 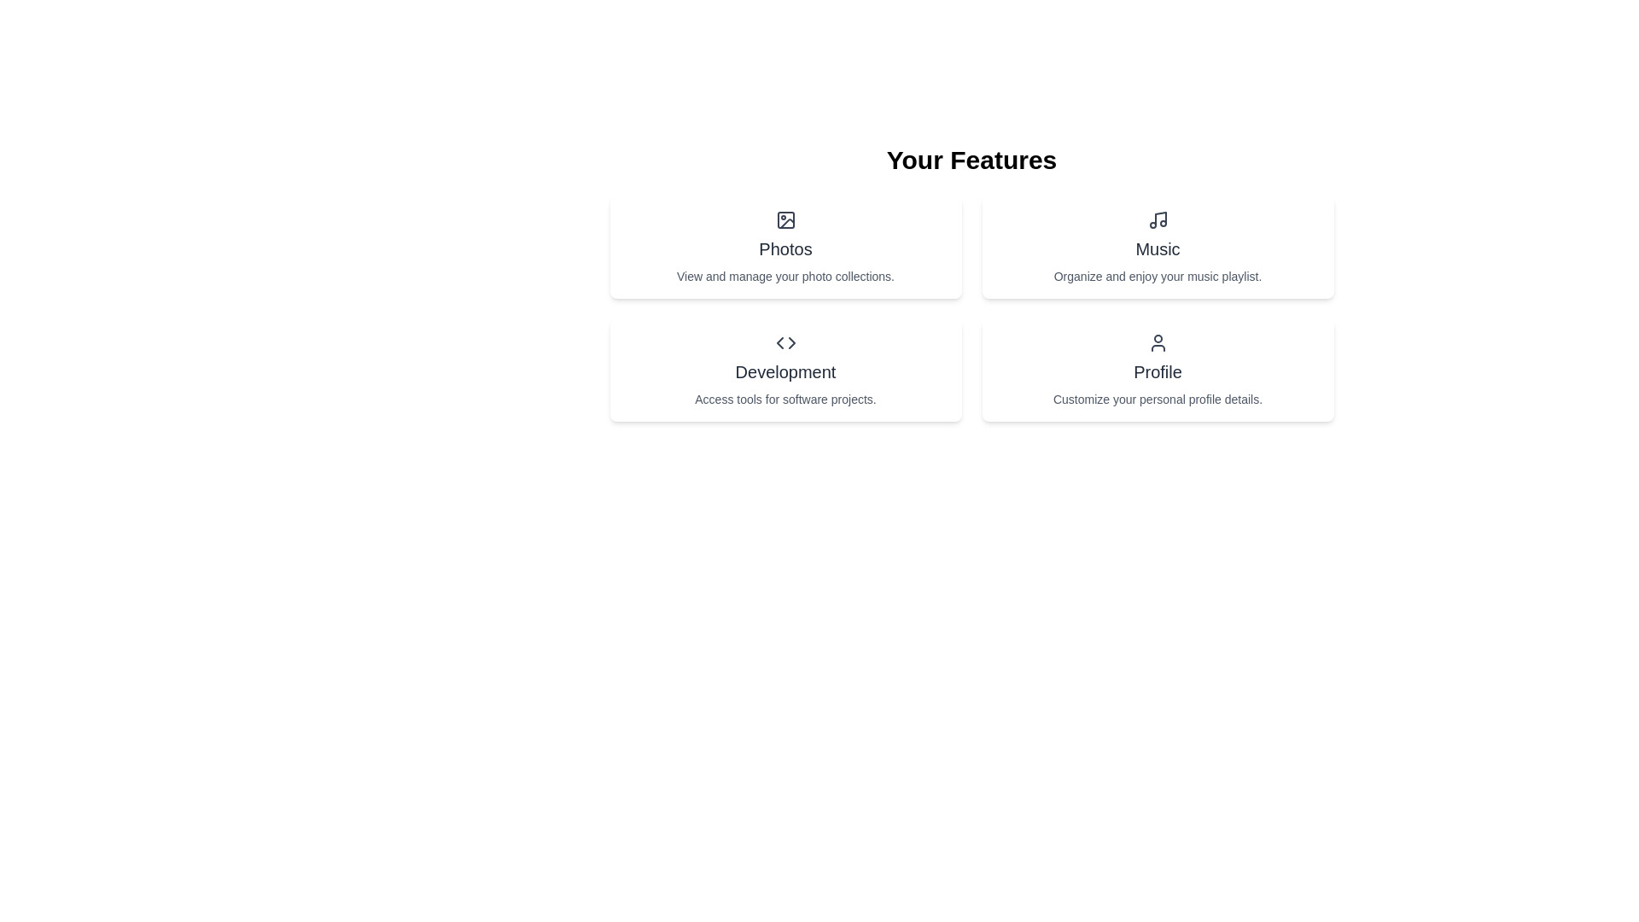 What do you see at coordinates (1158, 370) in the screenshot?
I see `the profile card at the bottom-right corner of the grid layout` at bounding box center [1158, 370].